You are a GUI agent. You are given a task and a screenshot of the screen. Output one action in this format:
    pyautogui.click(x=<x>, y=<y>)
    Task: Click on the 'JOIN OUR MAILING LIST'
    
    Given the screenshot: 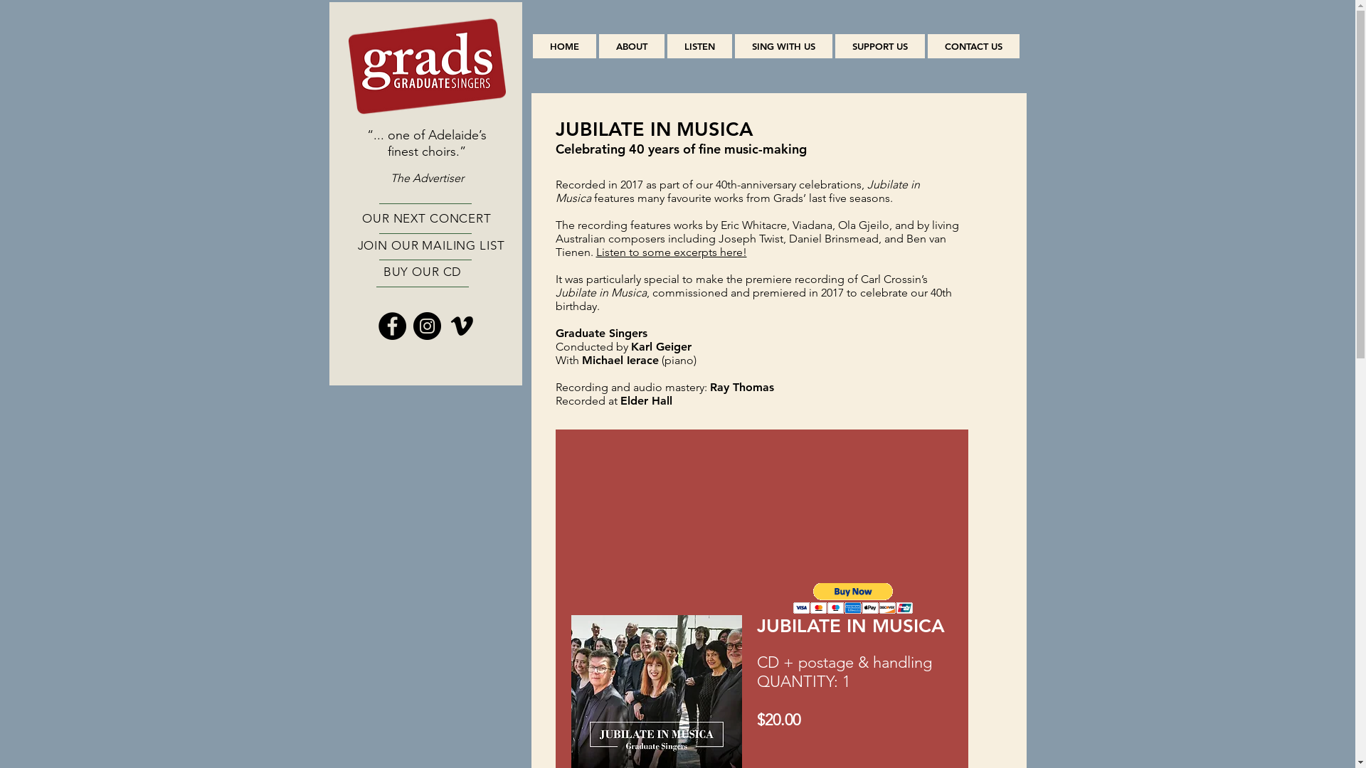 What is the action you would take?
    pyautogui.click(x=430, y=244)
    